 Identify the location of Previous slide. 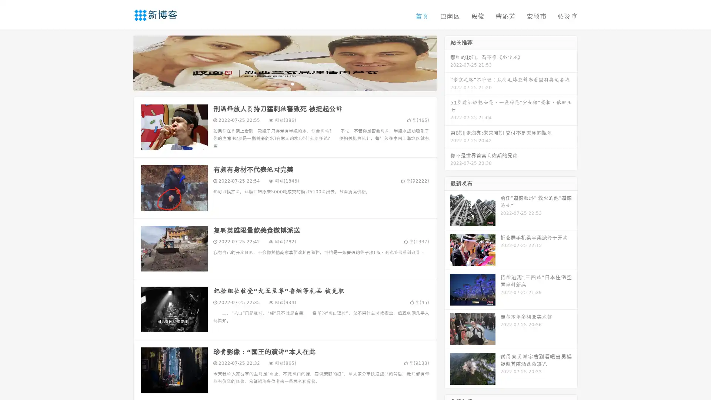
(122, 62).